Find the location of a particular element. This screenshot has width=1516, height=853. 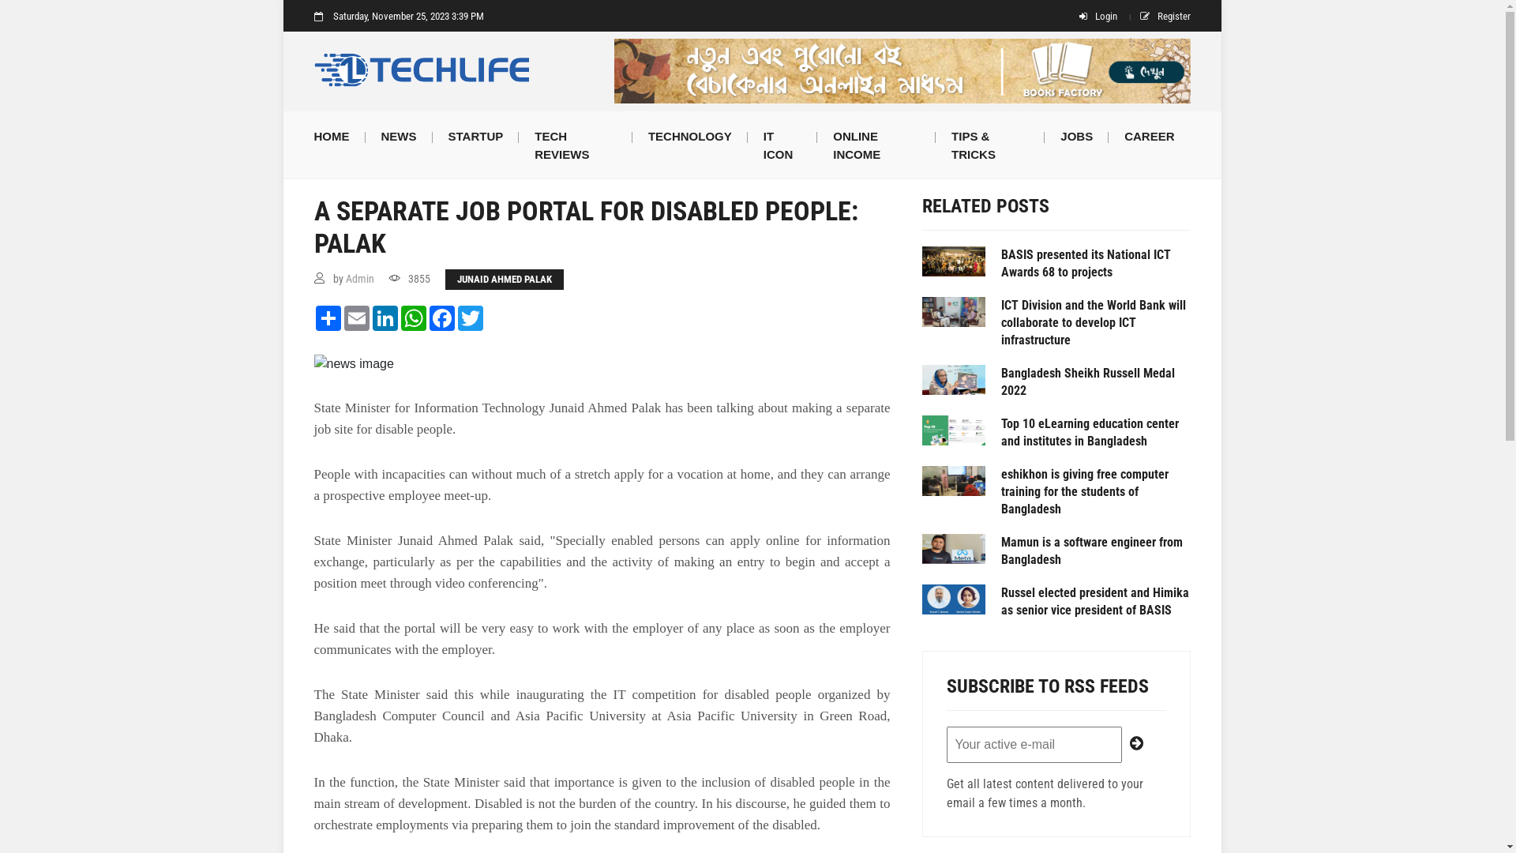

'Mamun is a software engineer from Bangladesh' is located at coordinates (1000, 551).